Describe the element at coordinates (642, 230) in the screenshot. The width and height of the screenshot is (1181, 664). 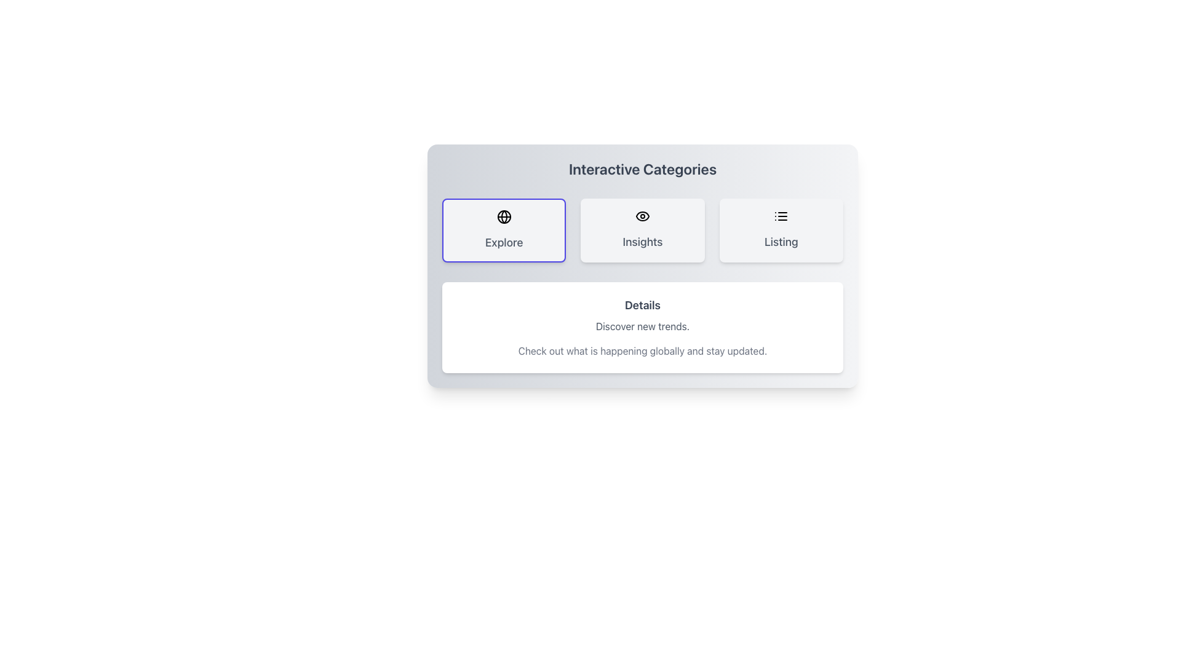
I see `the section labeled 'Insights' in the centrally aligned Navigation menu below the 'Interactive Categories' title` at that location.